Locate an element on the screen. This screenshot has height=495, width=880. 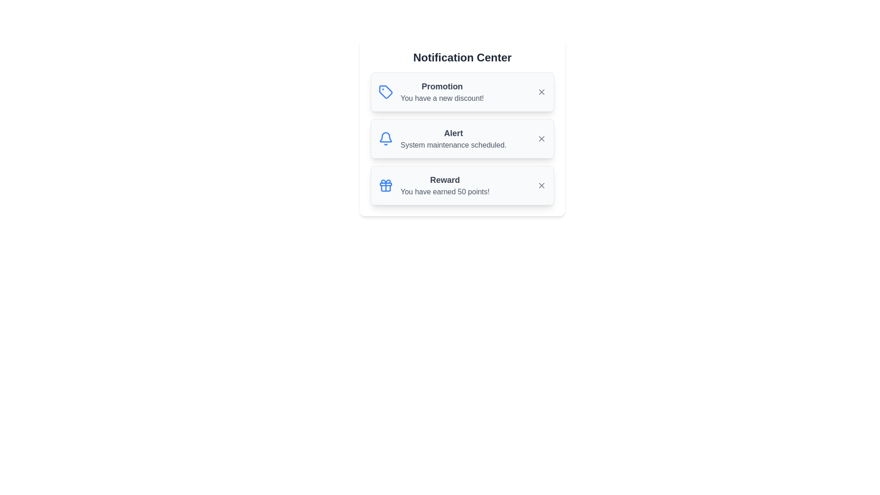
notification from the second notification card in the notification center dialog, which alerts the user about scheduled maintenance is located at coordinates (462, 139).